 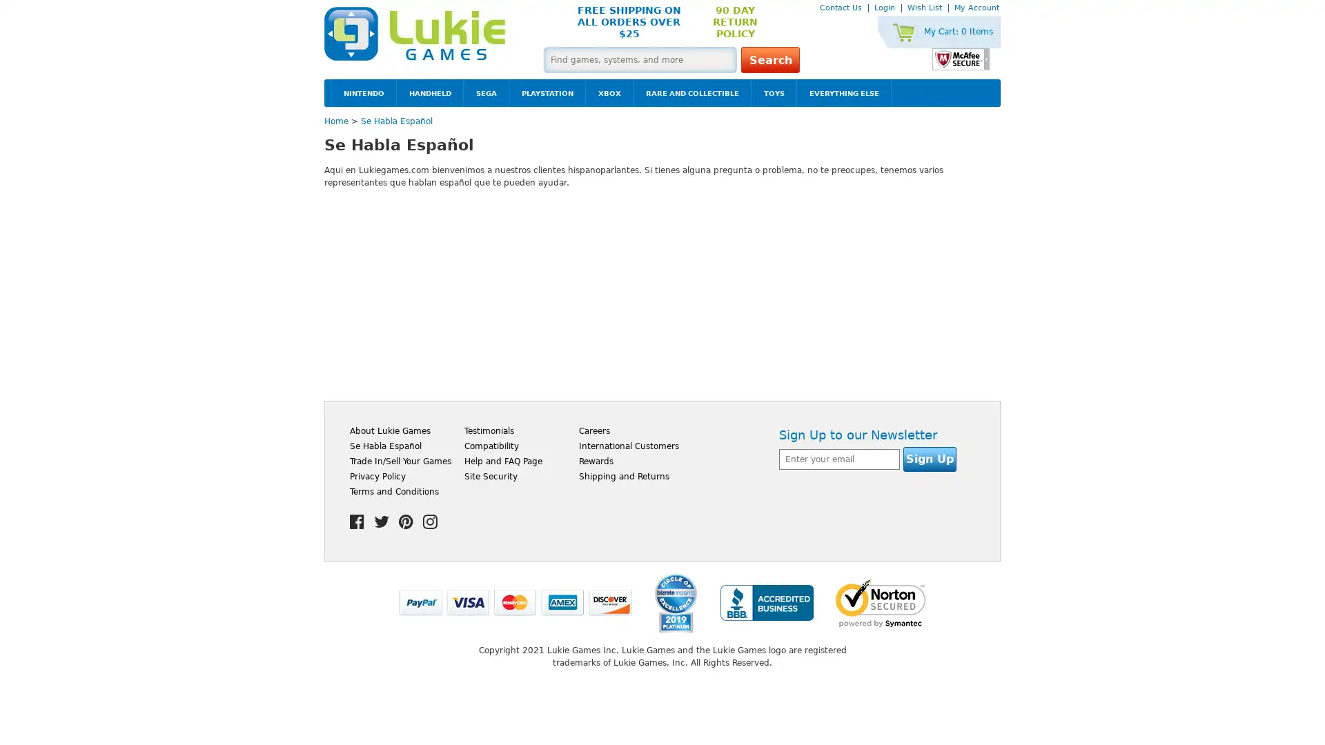 What do you see at coordinates (930, 459) in the screenshot?
I see `Sign Up` at bounding box center [930, 459].